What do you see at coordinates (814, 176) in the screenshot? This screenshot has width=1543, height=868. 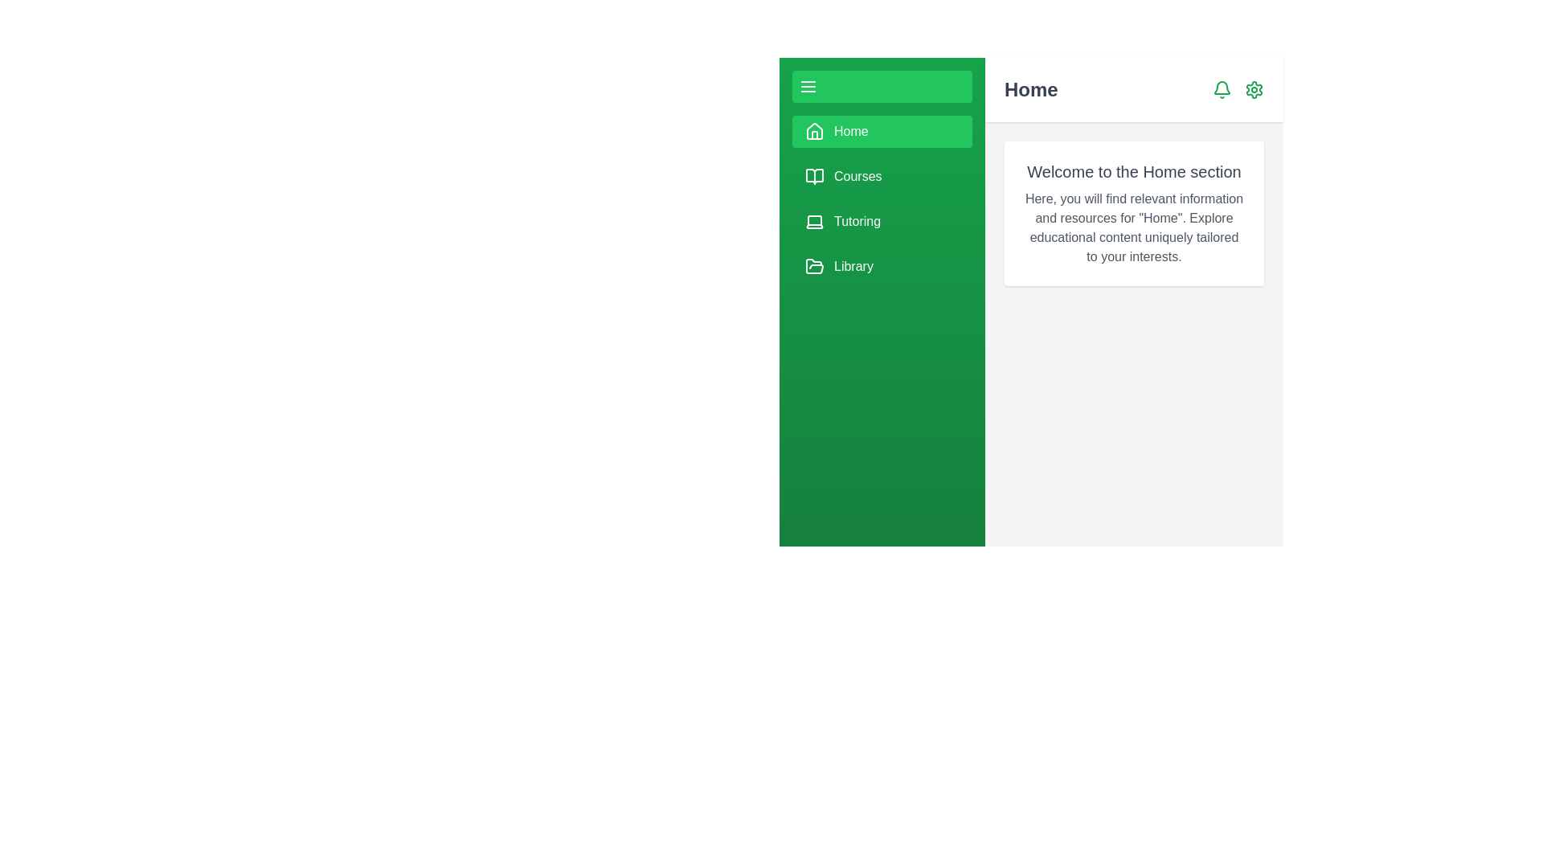 I see `the open book icon in the vertical navigation menu, located beside the 'Courses' label` at bounding box center [814, 176].